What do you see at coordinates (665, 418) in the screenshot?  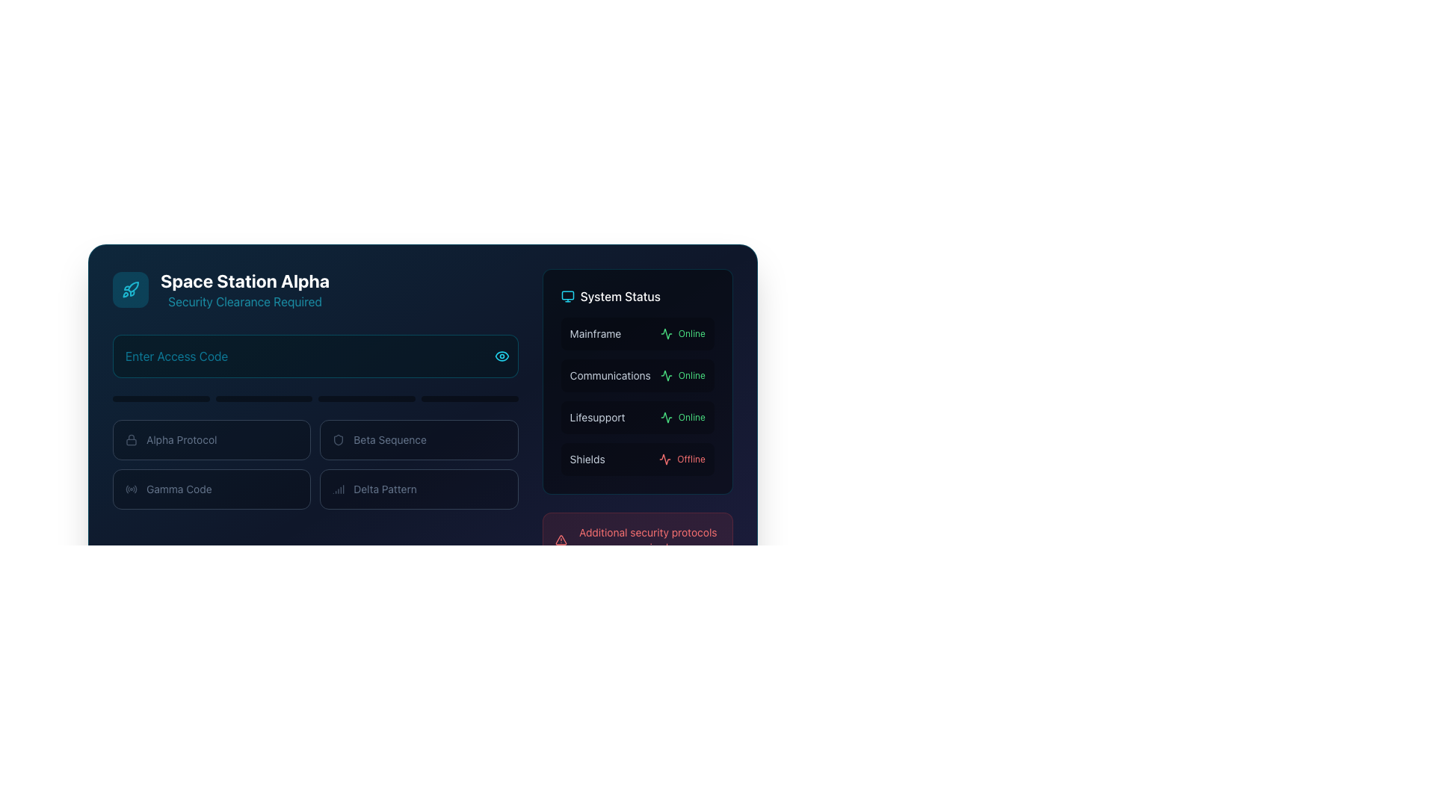 I see `the graphical waveform representing the 'Mainframe' system status in the 'System Status' panel located on the right side of the interface` at bounding box center [665, 418].